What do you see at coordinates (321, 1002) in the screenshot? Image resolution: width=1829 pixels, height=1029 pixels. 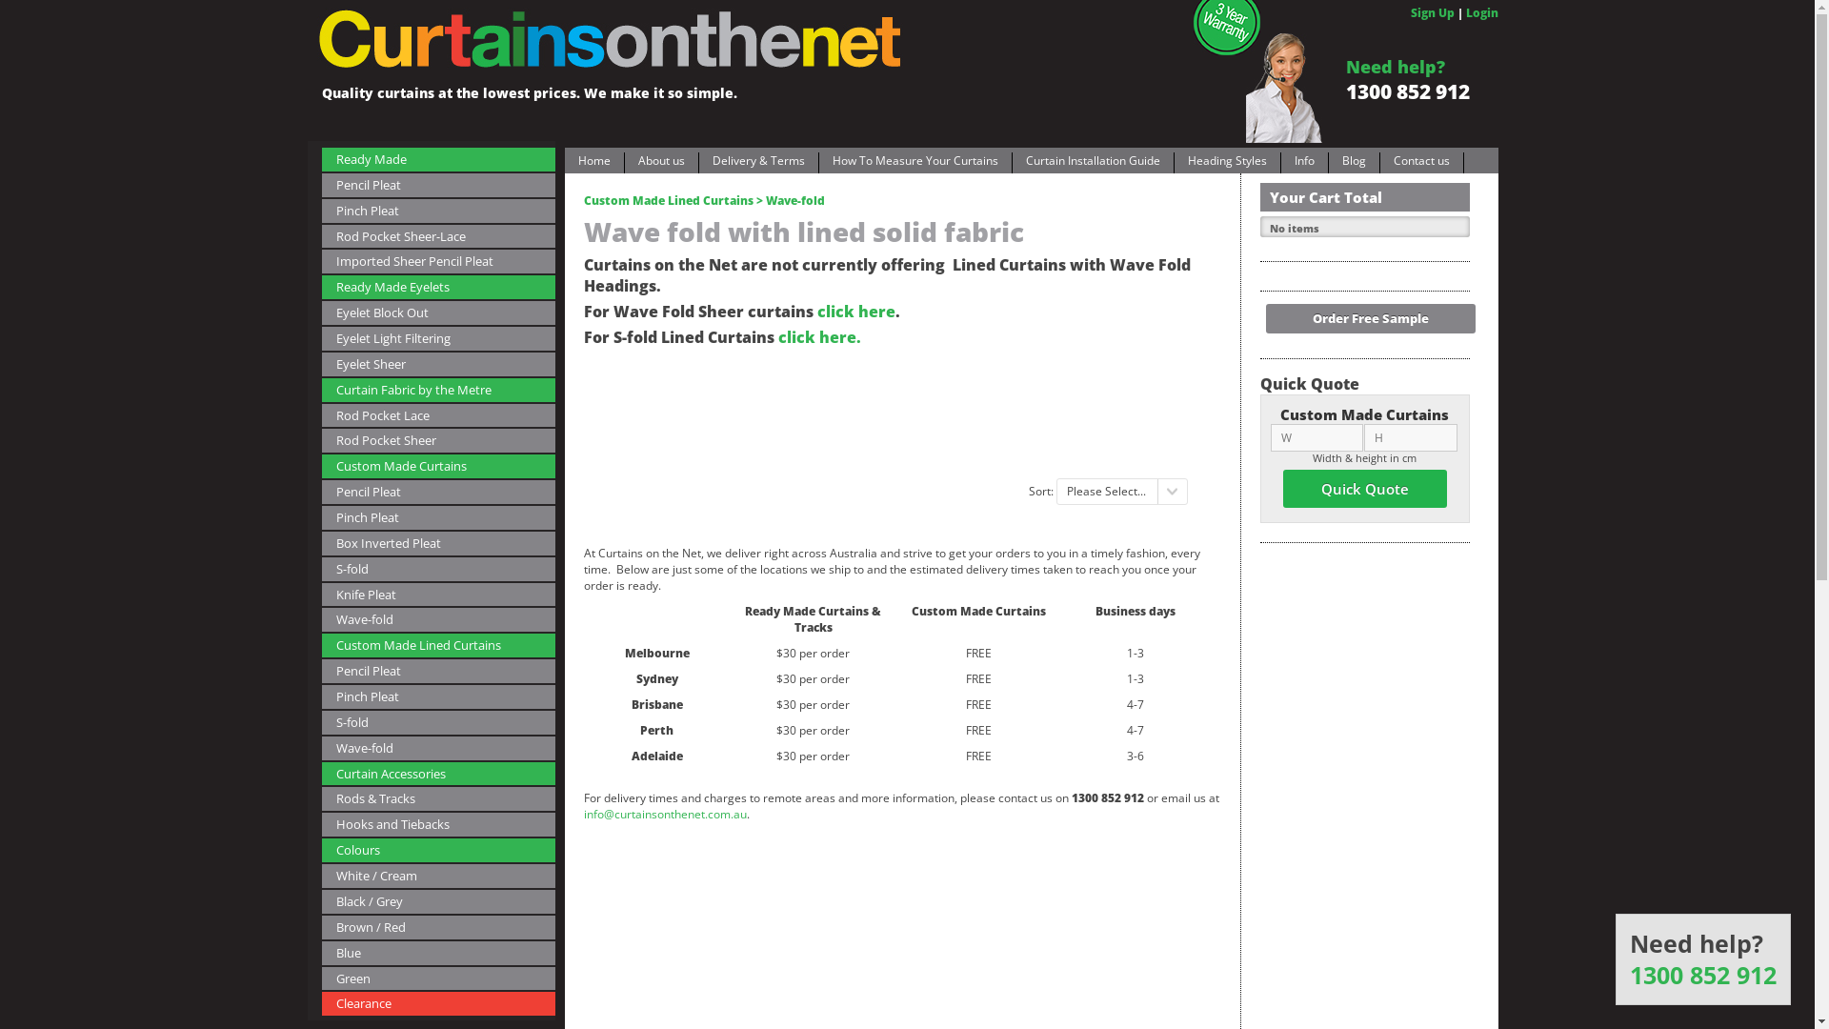 I see `'Clearance'` at bounding box center [321, 1002].